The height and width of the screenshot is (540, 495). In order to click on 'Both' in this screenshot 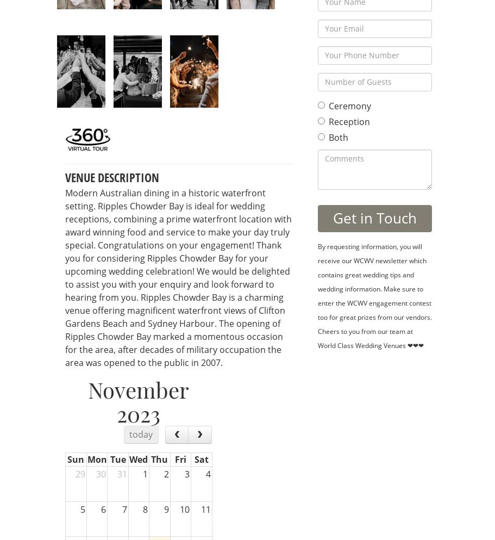, I will do `click(338, 136)`.